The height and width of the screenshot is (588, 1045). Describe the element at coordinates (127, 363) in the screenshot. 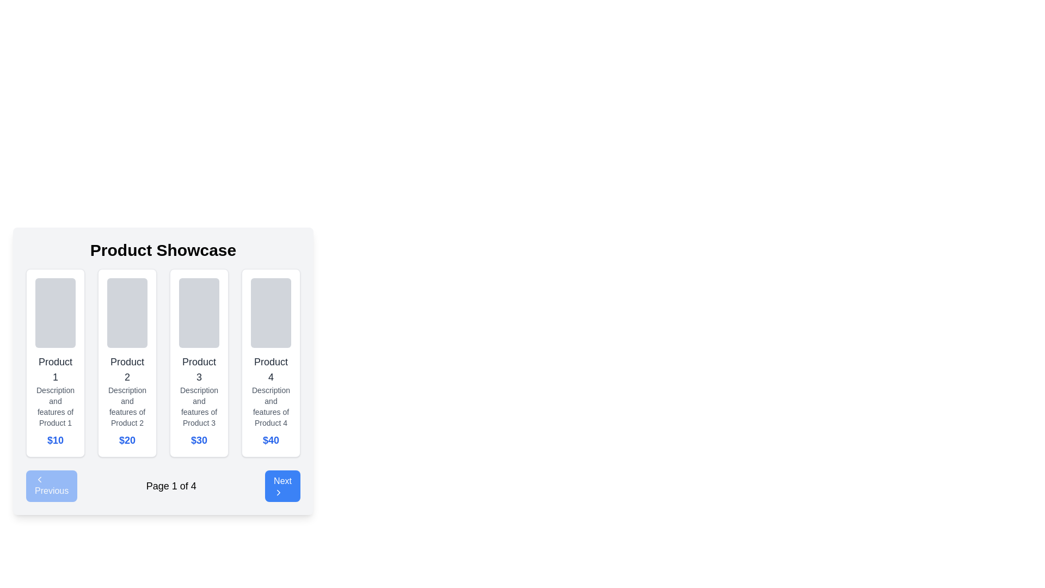

I see `the product card displaying 'Product 2', located in the second column of the grid layout, positioned between 'Product 1' and 'Product 3'` at that location.